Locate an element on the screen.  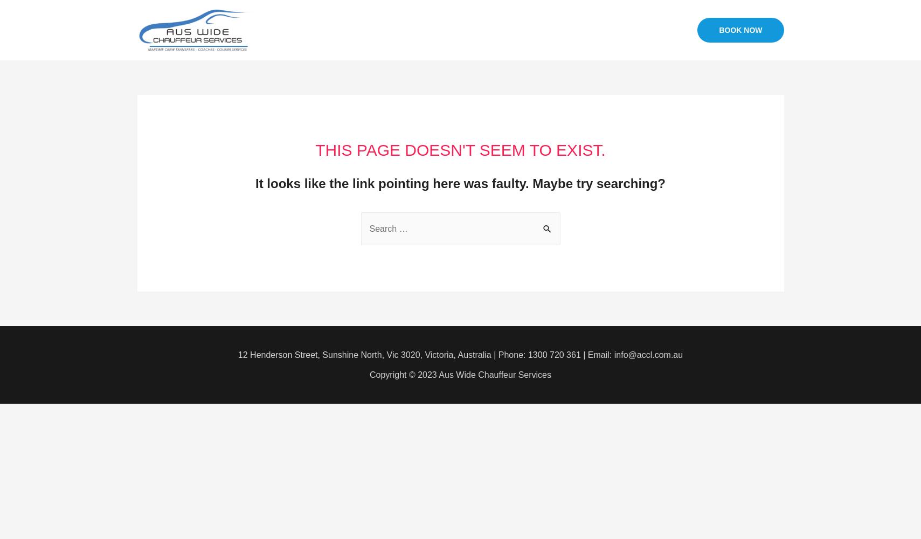
'ABOUT' is located at coordinates (473, 30).